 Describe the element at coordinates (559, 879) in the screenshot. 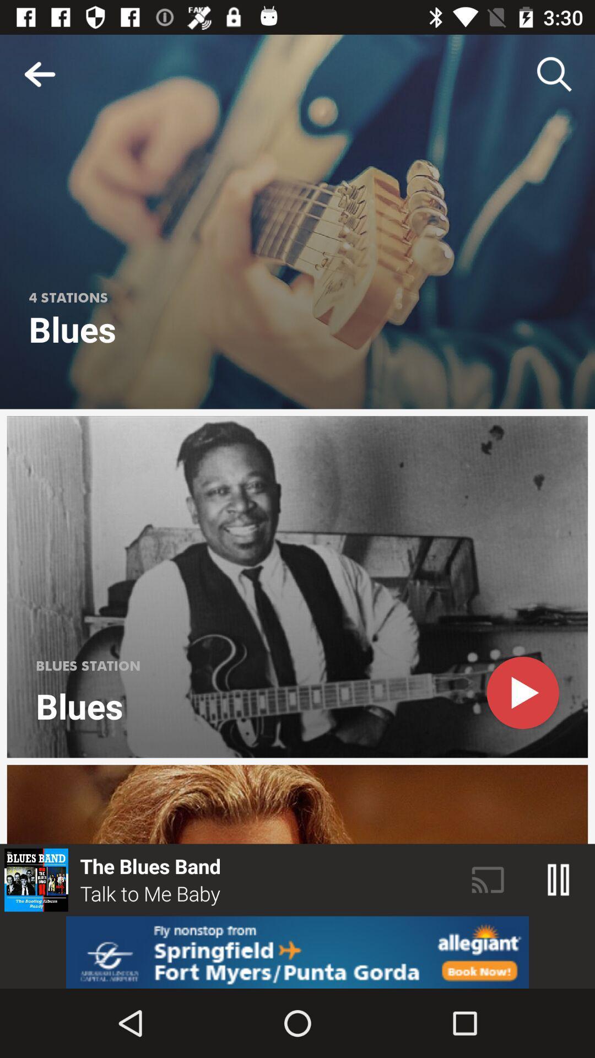

I see `the pause icon` at that location.